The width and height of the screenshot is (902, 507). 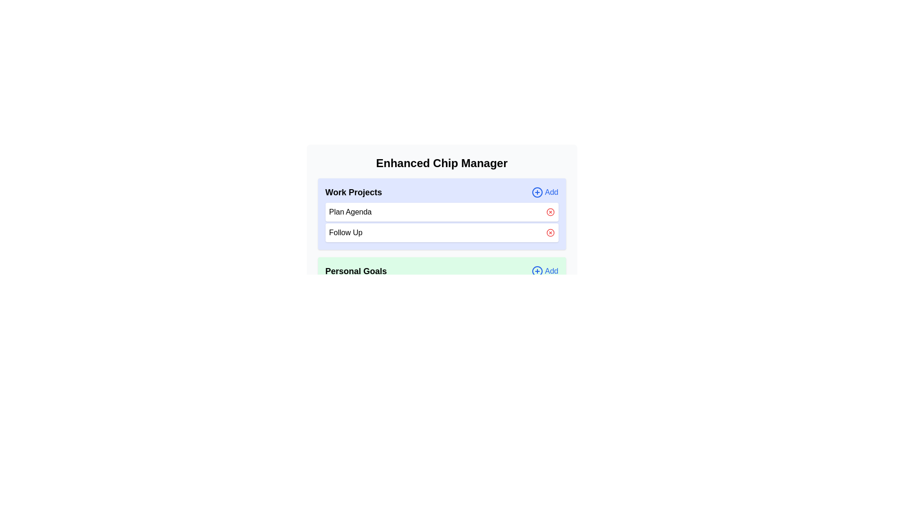 What do you see at coordinates (545, 192) in the screenshot?
I see `'Add' button for the category 'Work Projects' to add a new chip` at bounding box center [545, 192].